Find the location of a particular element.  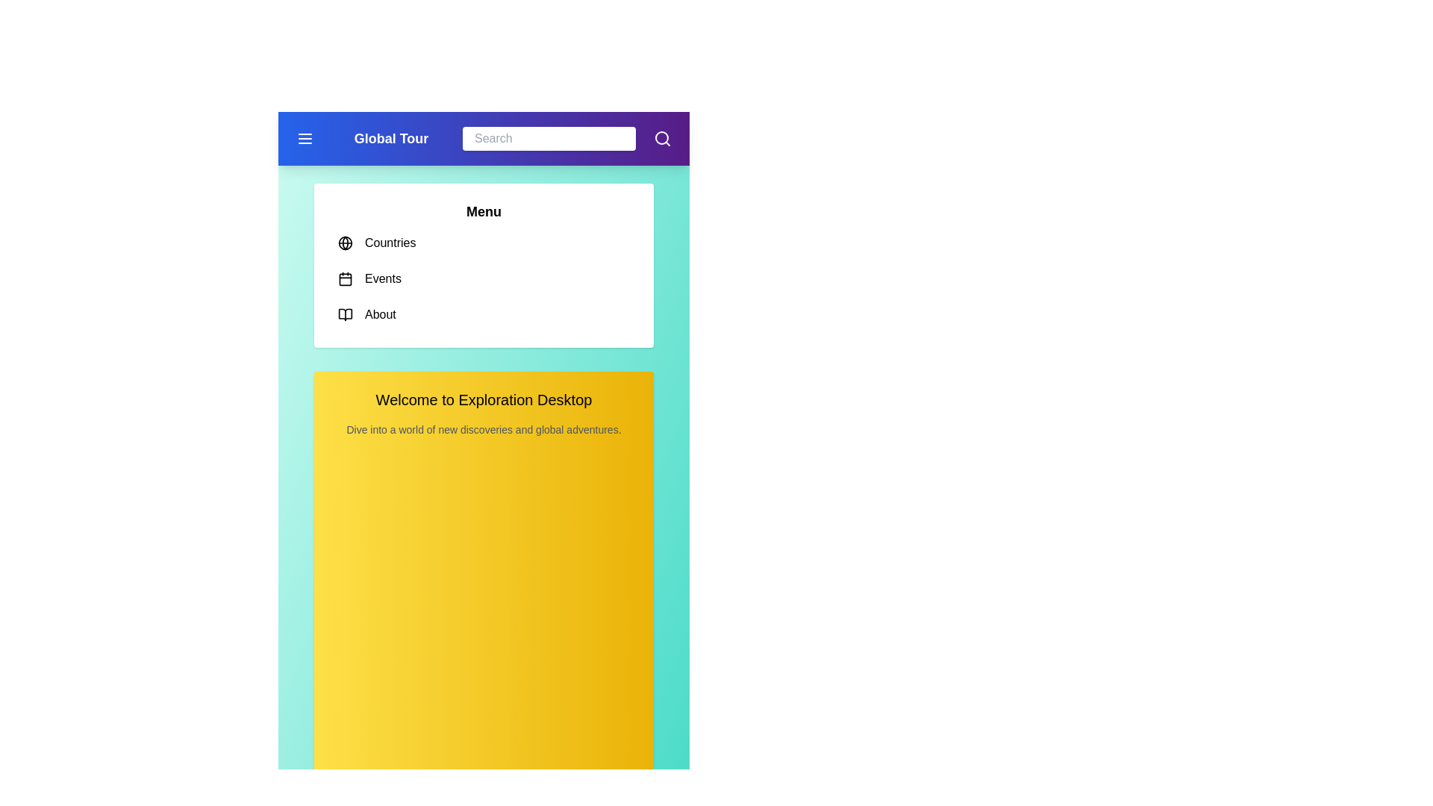

the menu item Countries from the menu is located at coordinates (484, 243).